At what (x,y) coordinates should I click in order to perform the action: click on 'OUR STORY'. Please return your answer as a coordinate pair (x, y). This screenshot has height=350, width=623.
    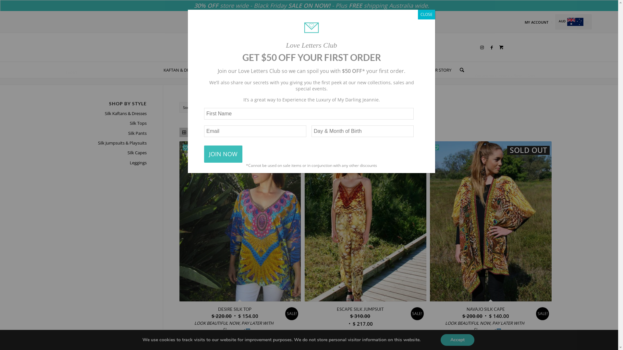
    Looking at the image, I should click on (437, 70).